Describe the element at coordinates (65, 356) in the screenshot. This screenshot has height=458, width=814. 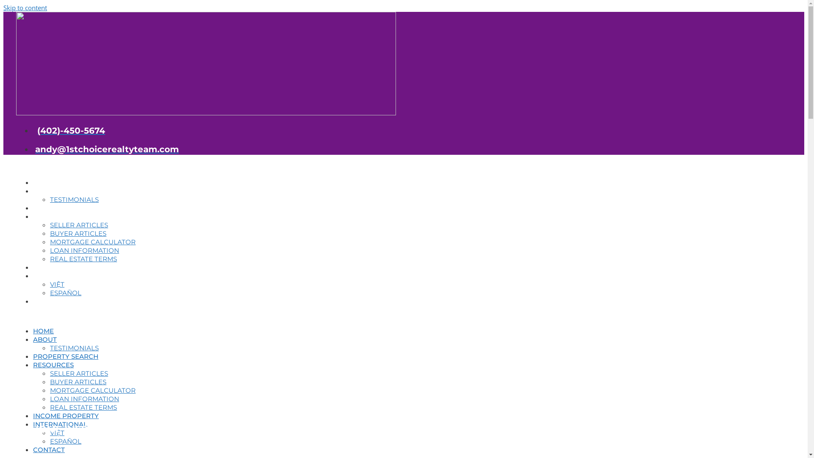
I see `'PROPERTY SEARCH'` at that location.